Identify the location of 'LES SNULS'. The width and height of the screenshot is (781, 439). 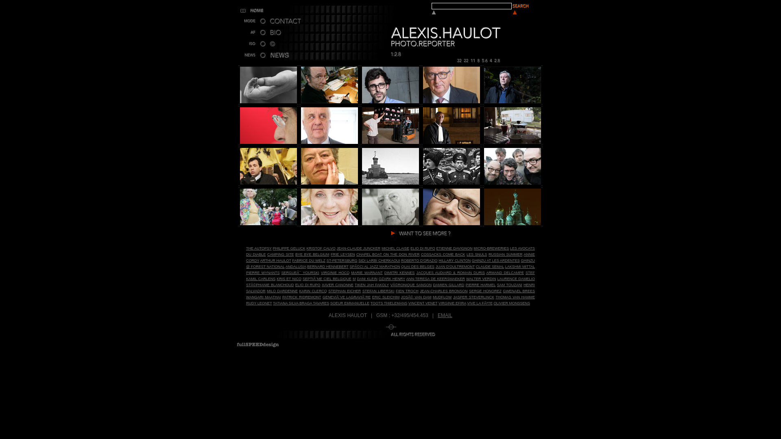
(477, 254).